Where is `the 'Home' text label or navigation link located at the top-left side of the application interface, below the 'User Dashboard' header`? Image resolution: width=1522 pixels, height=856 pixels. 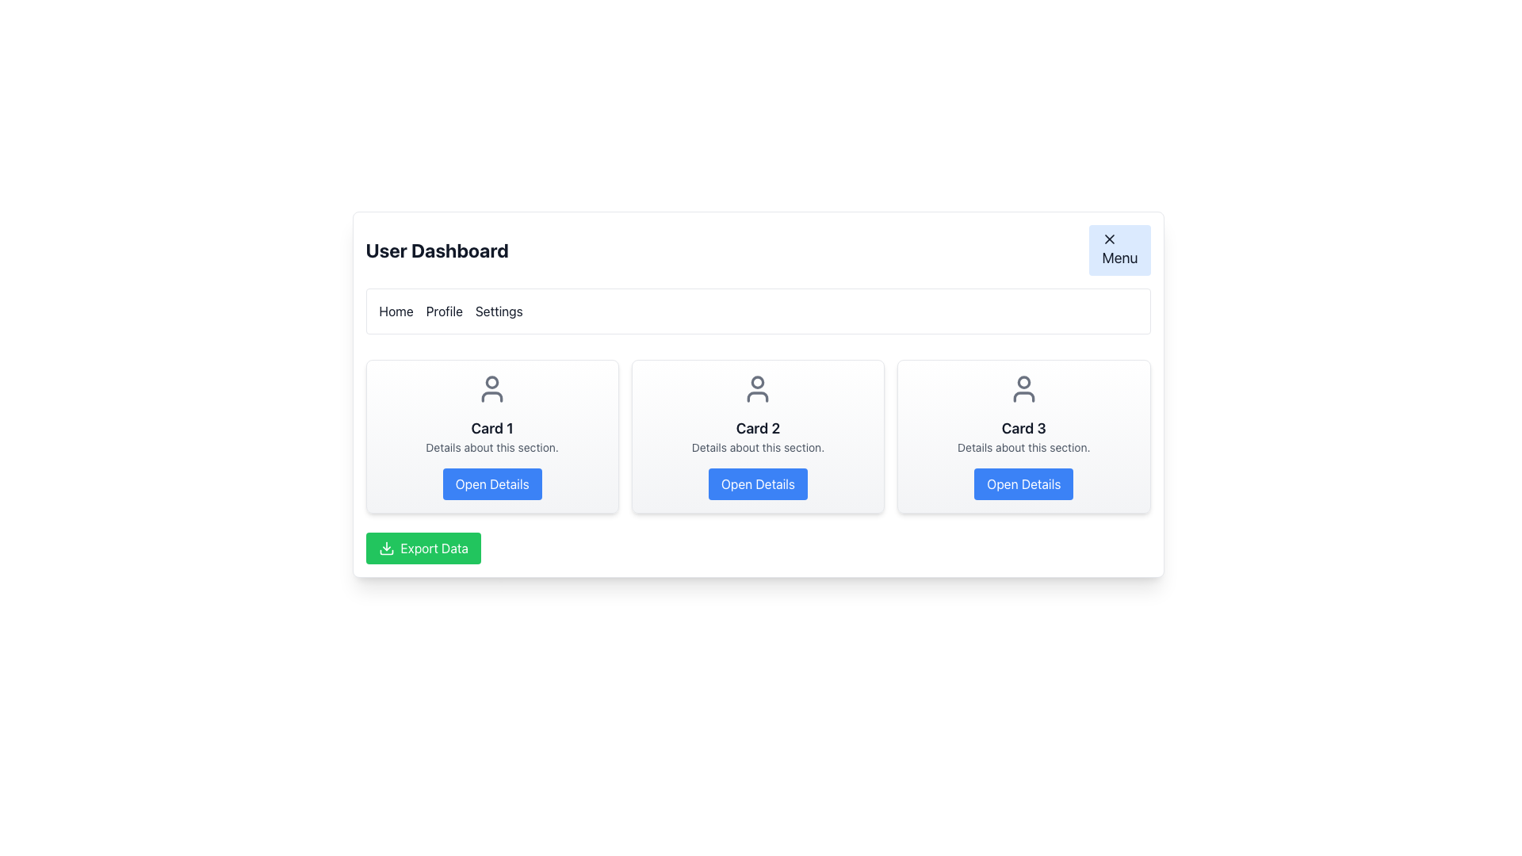
the 'Home' text label or navigation link located at the top-left side of the application interface, below the 'User Dashboard' header is located at coordinates (396, 311).